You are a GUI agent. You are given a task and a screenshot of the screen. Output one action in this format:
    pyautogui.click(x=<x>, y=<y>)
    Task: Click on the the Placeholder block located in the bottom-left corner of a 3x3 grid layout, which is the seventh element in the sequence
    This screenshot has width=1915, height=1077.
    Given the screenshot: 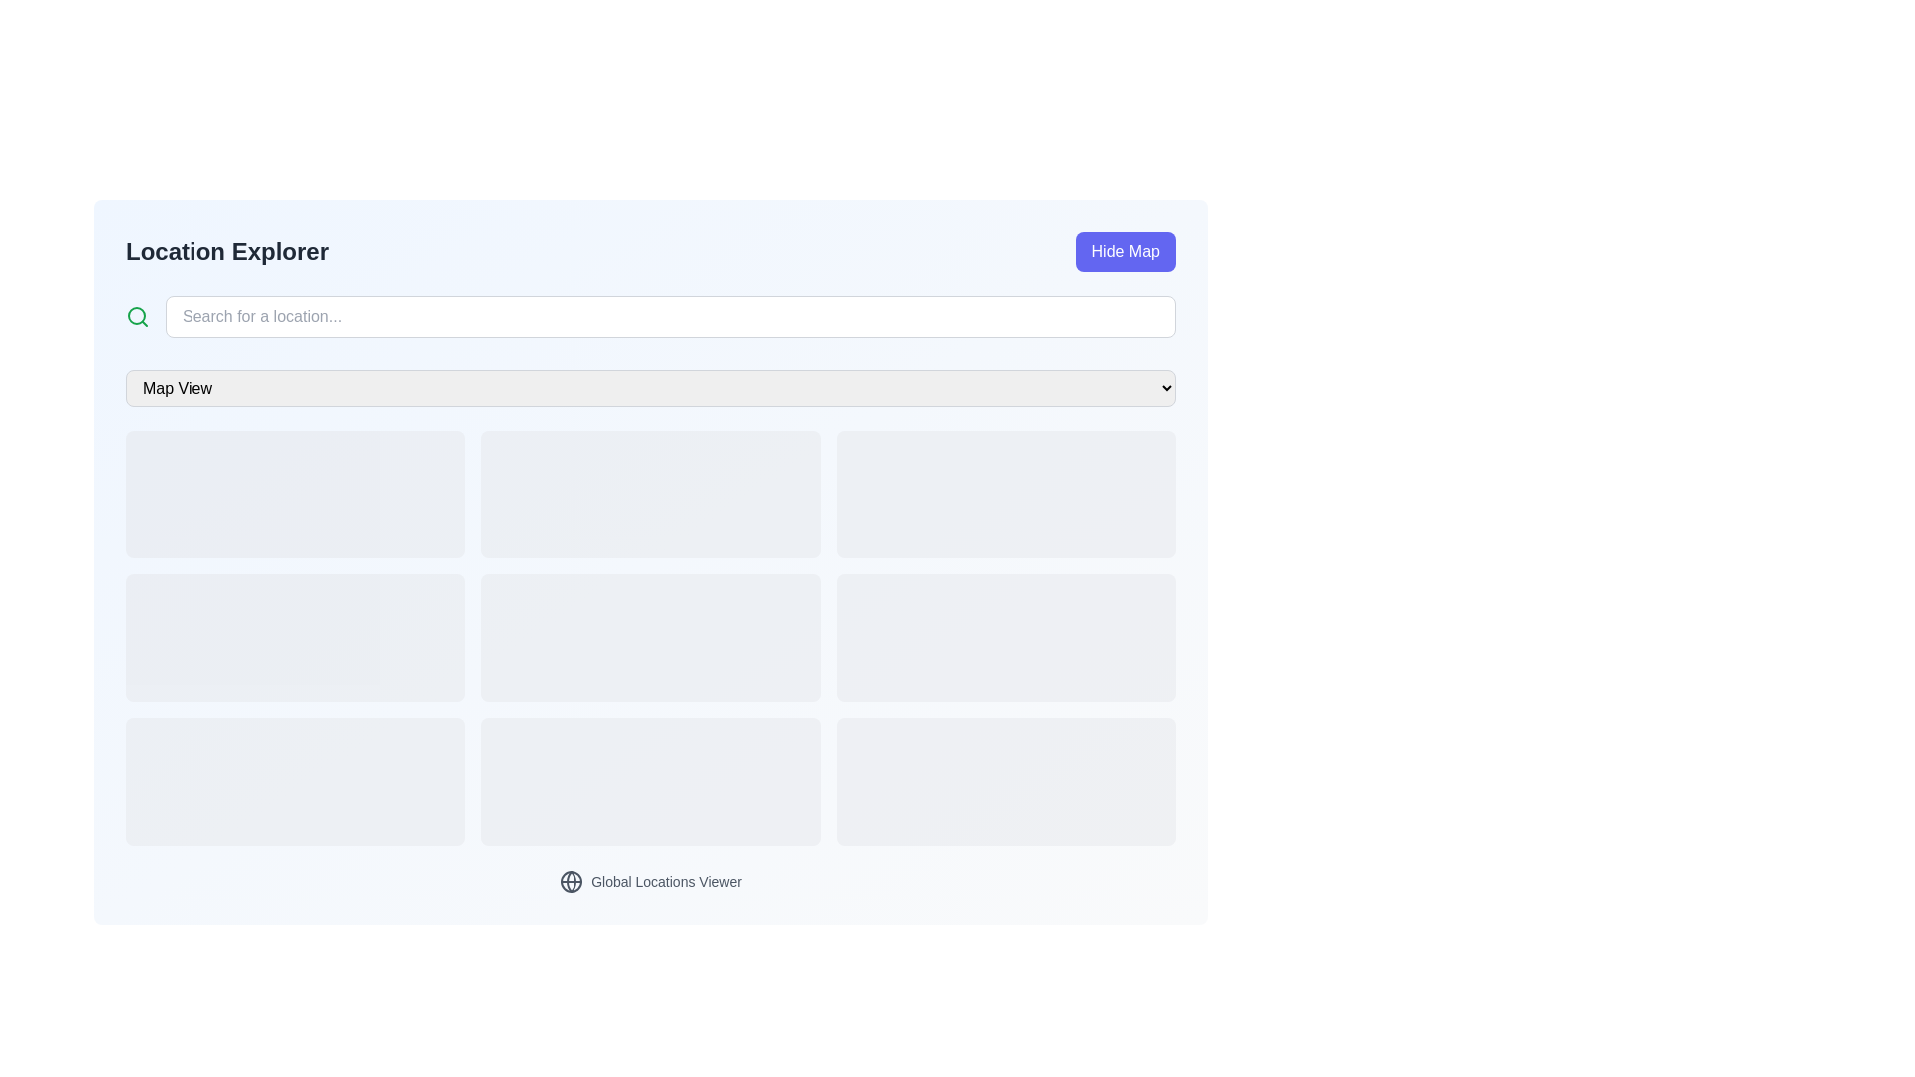 What is the action you would take?
    pyautogui.click(x=294, y=780)
    